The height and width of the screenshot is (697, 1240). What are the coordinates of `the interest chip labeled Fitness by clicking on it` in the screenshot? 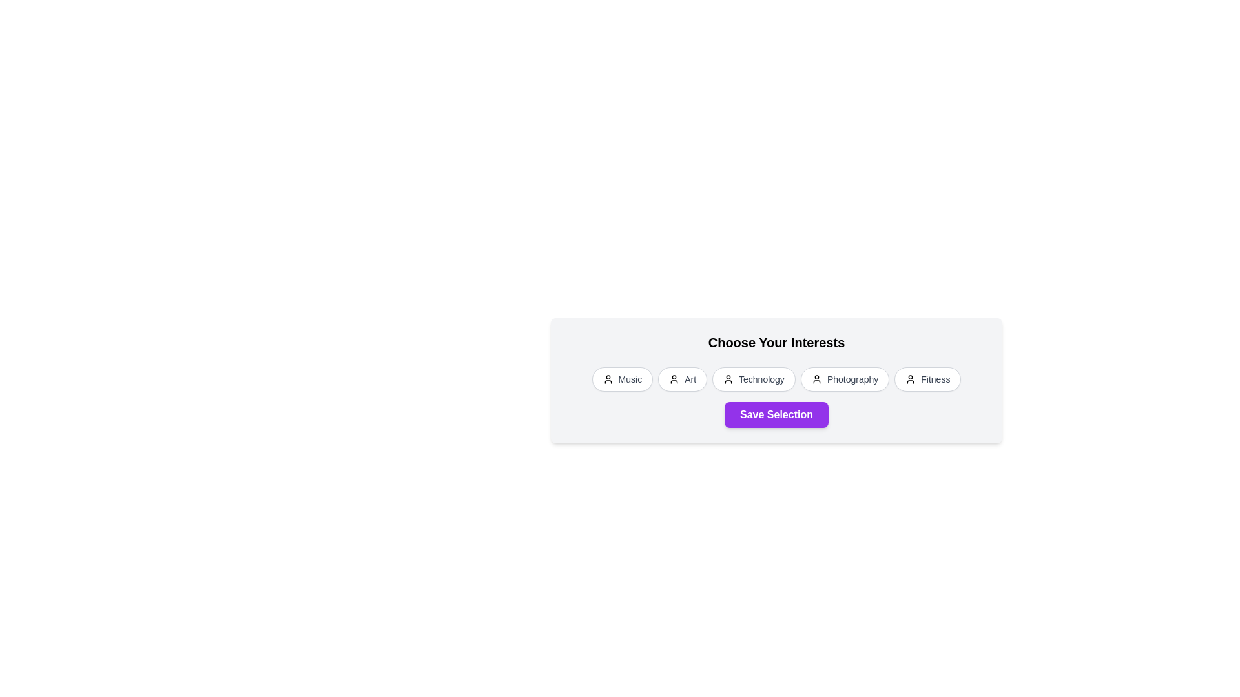 It's located at (927, 378).